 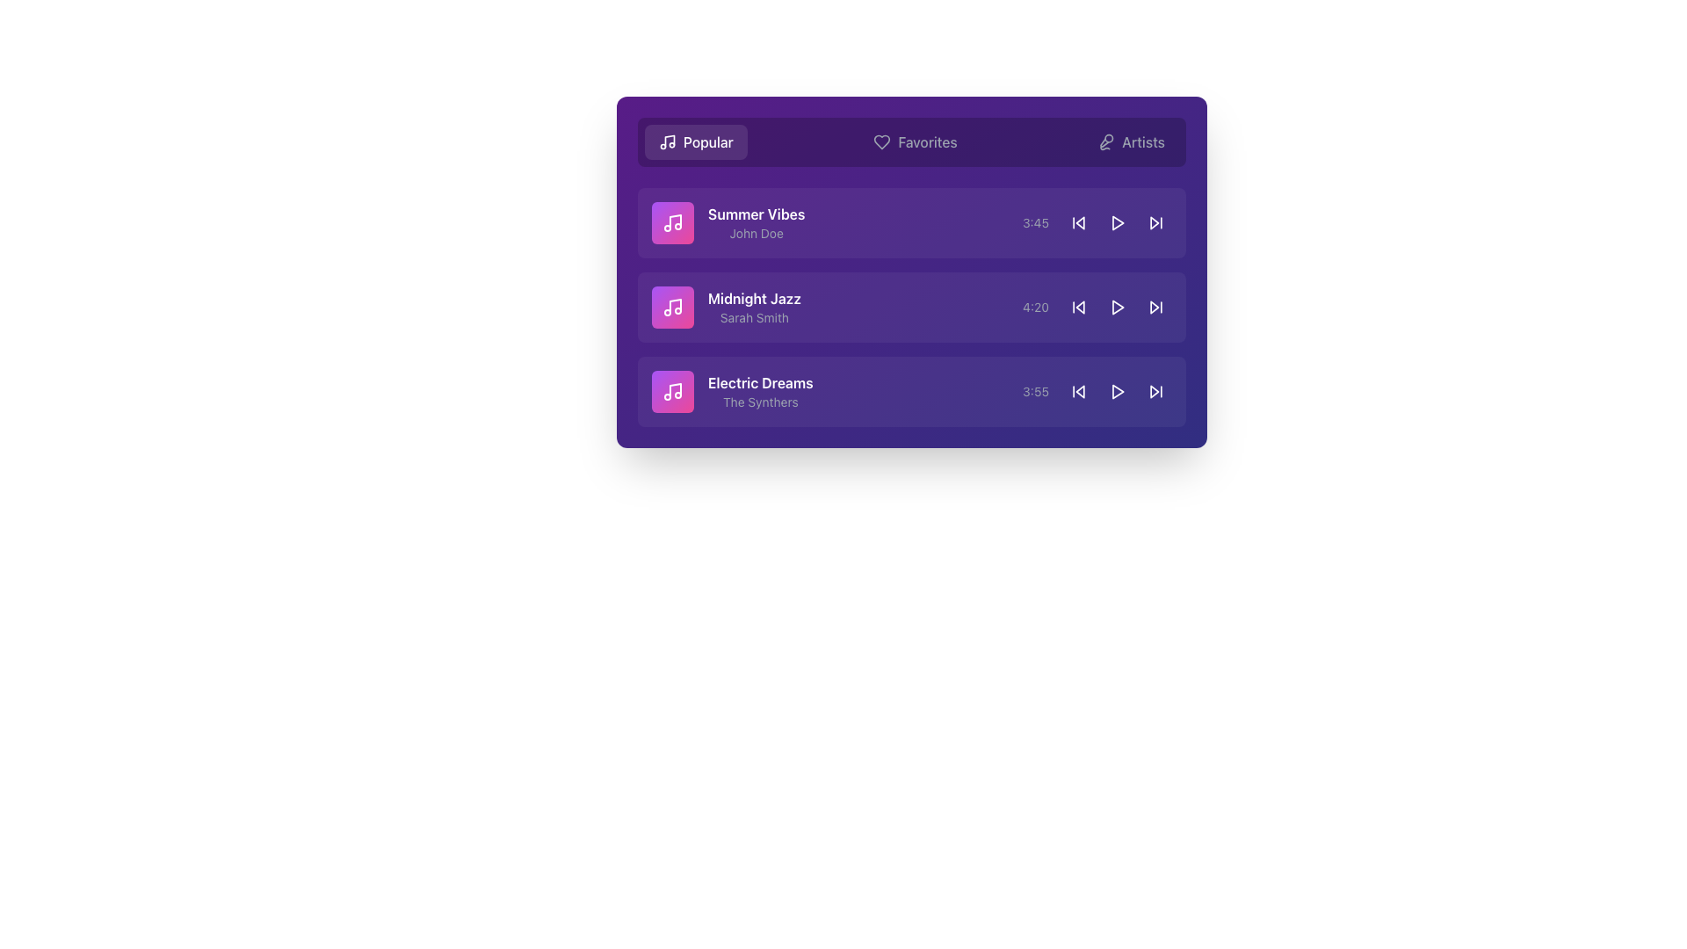 What do you see at coordinates (1117, 391) in the screenshot?
I see `the triangular play icon button located in the bottom row of multimedia controls for the 'Electric Dreams' track, positioned between the rewind and fast-forward buttons` at bounding box center [1117, 391].